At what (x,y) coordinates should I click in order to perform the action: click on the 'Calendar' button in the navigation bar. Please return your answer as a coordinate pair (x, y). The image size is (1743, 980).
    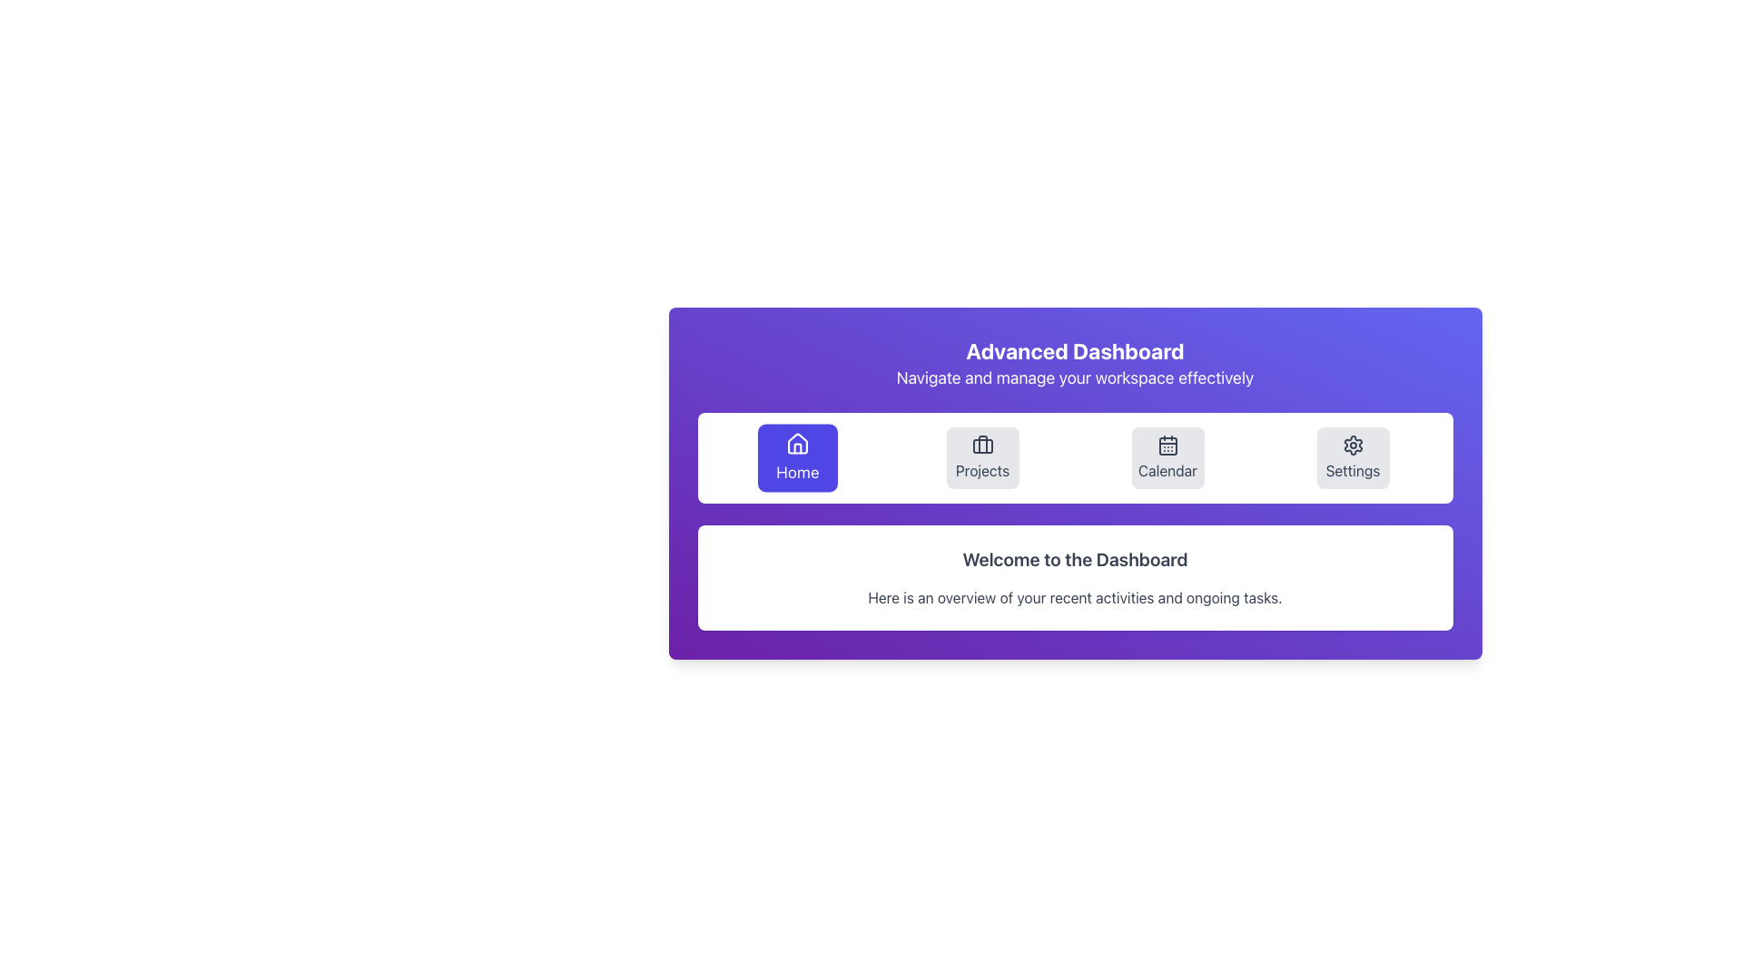
    Looking at the image, I should click on (1167, 457).